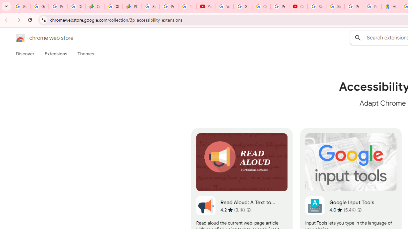 This screenshot has width=408, height=229. Describe the element at coordinates (390, 6) in the screenshot. I see `'Atour Hotel - Google hotels'` at that location.